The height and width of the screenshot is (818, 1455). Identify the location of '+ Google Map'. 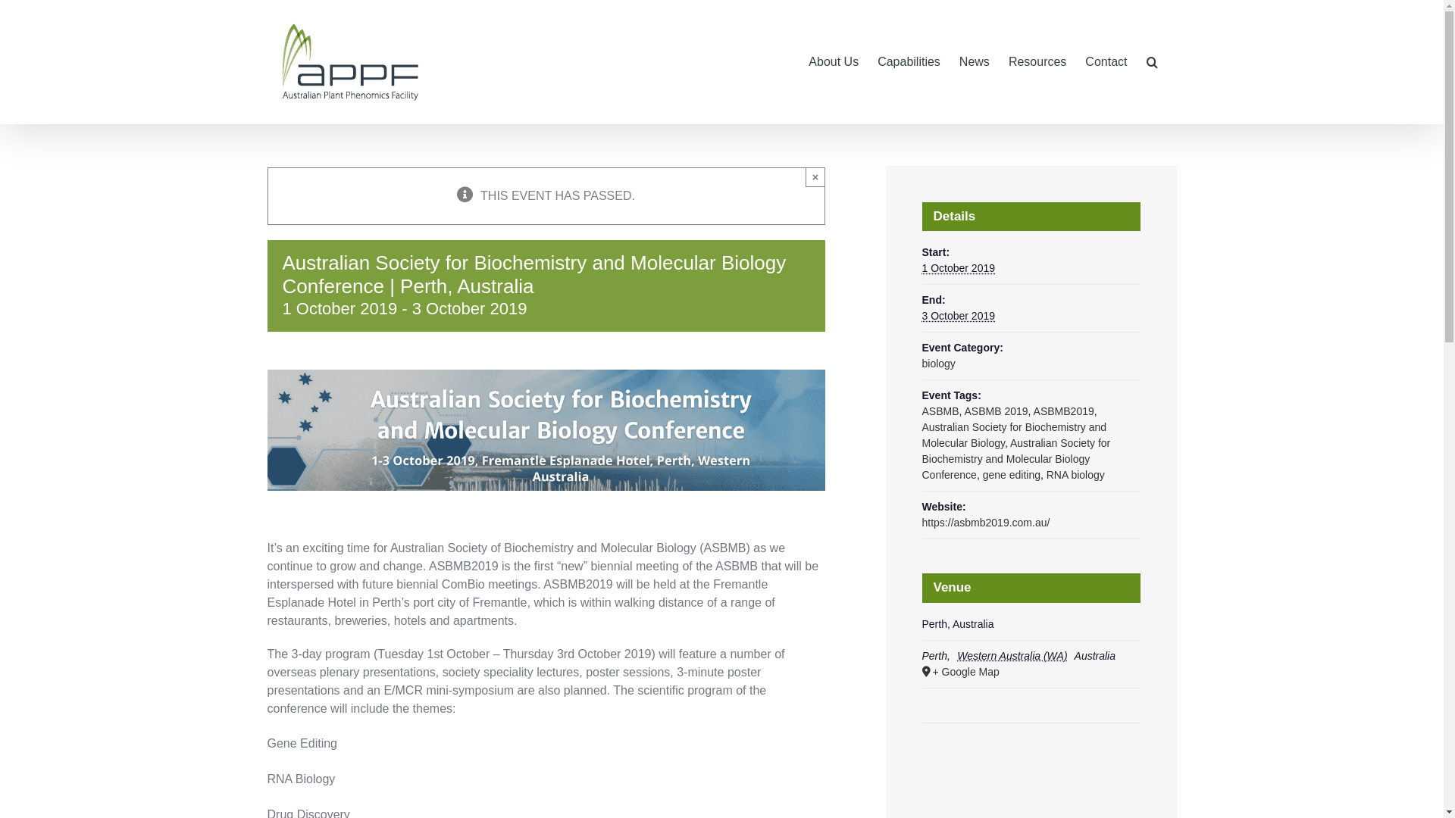
(1029, 671).